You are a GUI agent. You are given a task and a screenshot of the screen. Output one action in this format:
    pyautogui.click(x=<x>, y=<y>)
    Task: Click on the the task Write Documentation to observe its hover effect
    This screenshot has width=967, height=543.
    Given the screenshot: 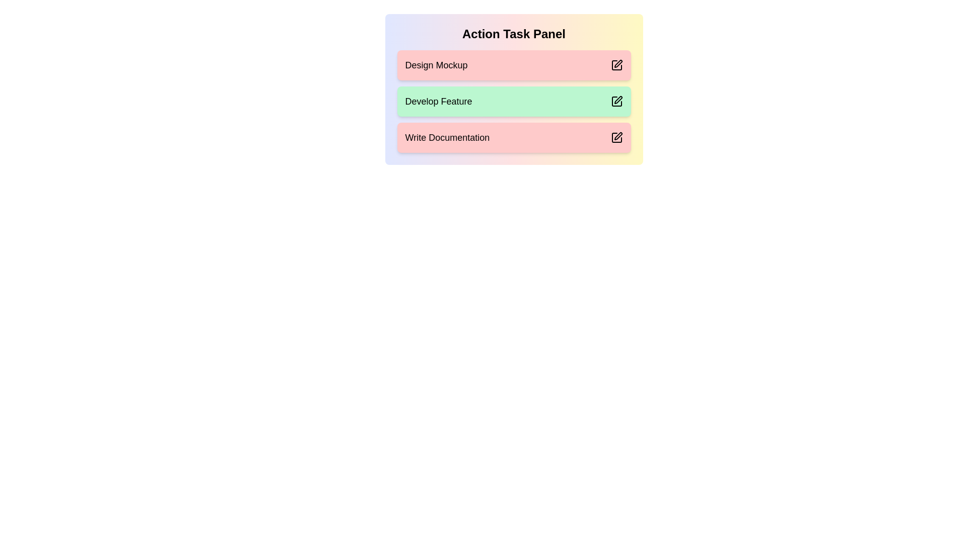 What is the action you would take?
    pyautogui.click(x=514, y=137)
    